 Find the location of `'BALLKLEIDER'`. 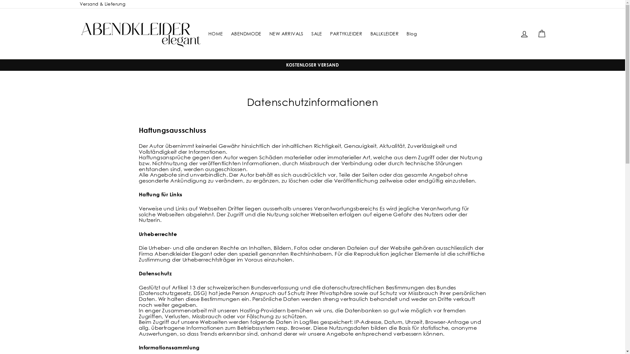

'BALLKLEIDER' is located at coordinates (384, 34).